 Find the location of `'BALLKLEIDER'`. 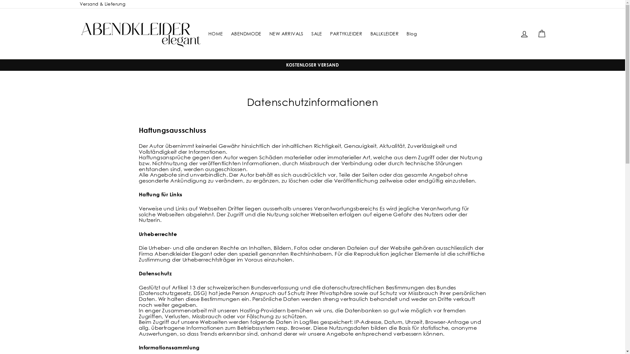

'BALLKLEIDER' is located at coordinates (384, 34).